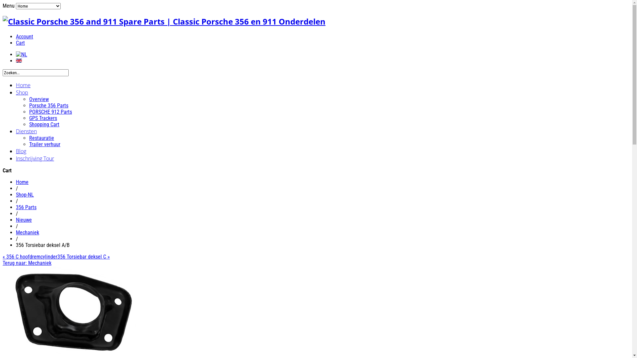  What do you see at coordinates (35, 158) in the screenshot?
I see `'Inschrijving Tour'` at bounding box center [35, 158].